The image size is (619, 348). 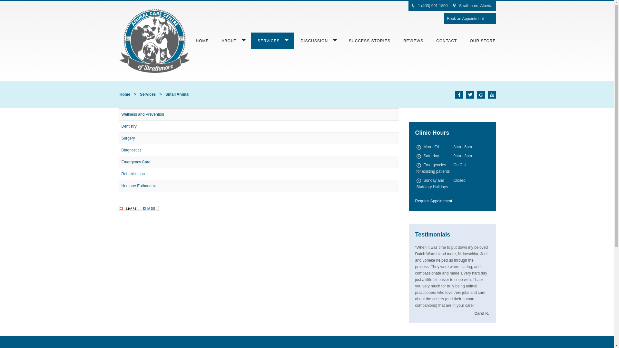 I want to click on 'Book an Appointment', so click(x=466, y=18).